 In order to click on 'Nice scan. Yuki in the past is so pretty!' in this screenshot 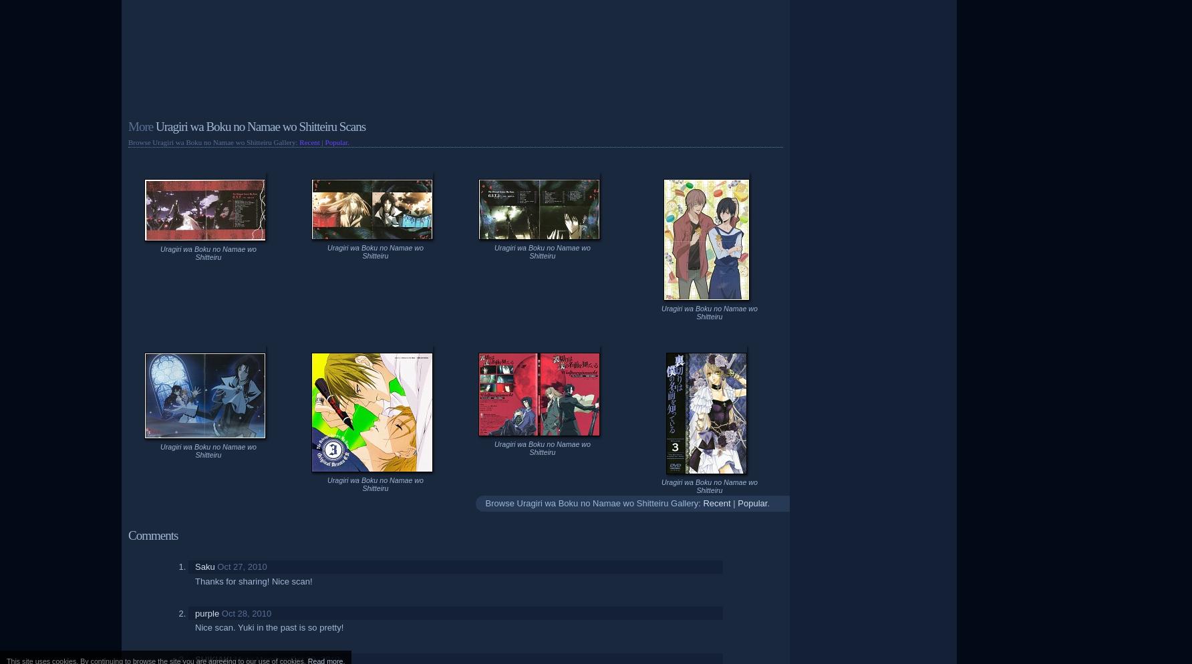, I will do `click(269, 627)`.